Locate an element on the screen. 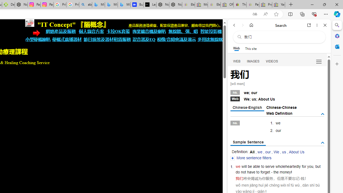  'AutomationID: tgdef_sen' is located at coordinates (322, 143).